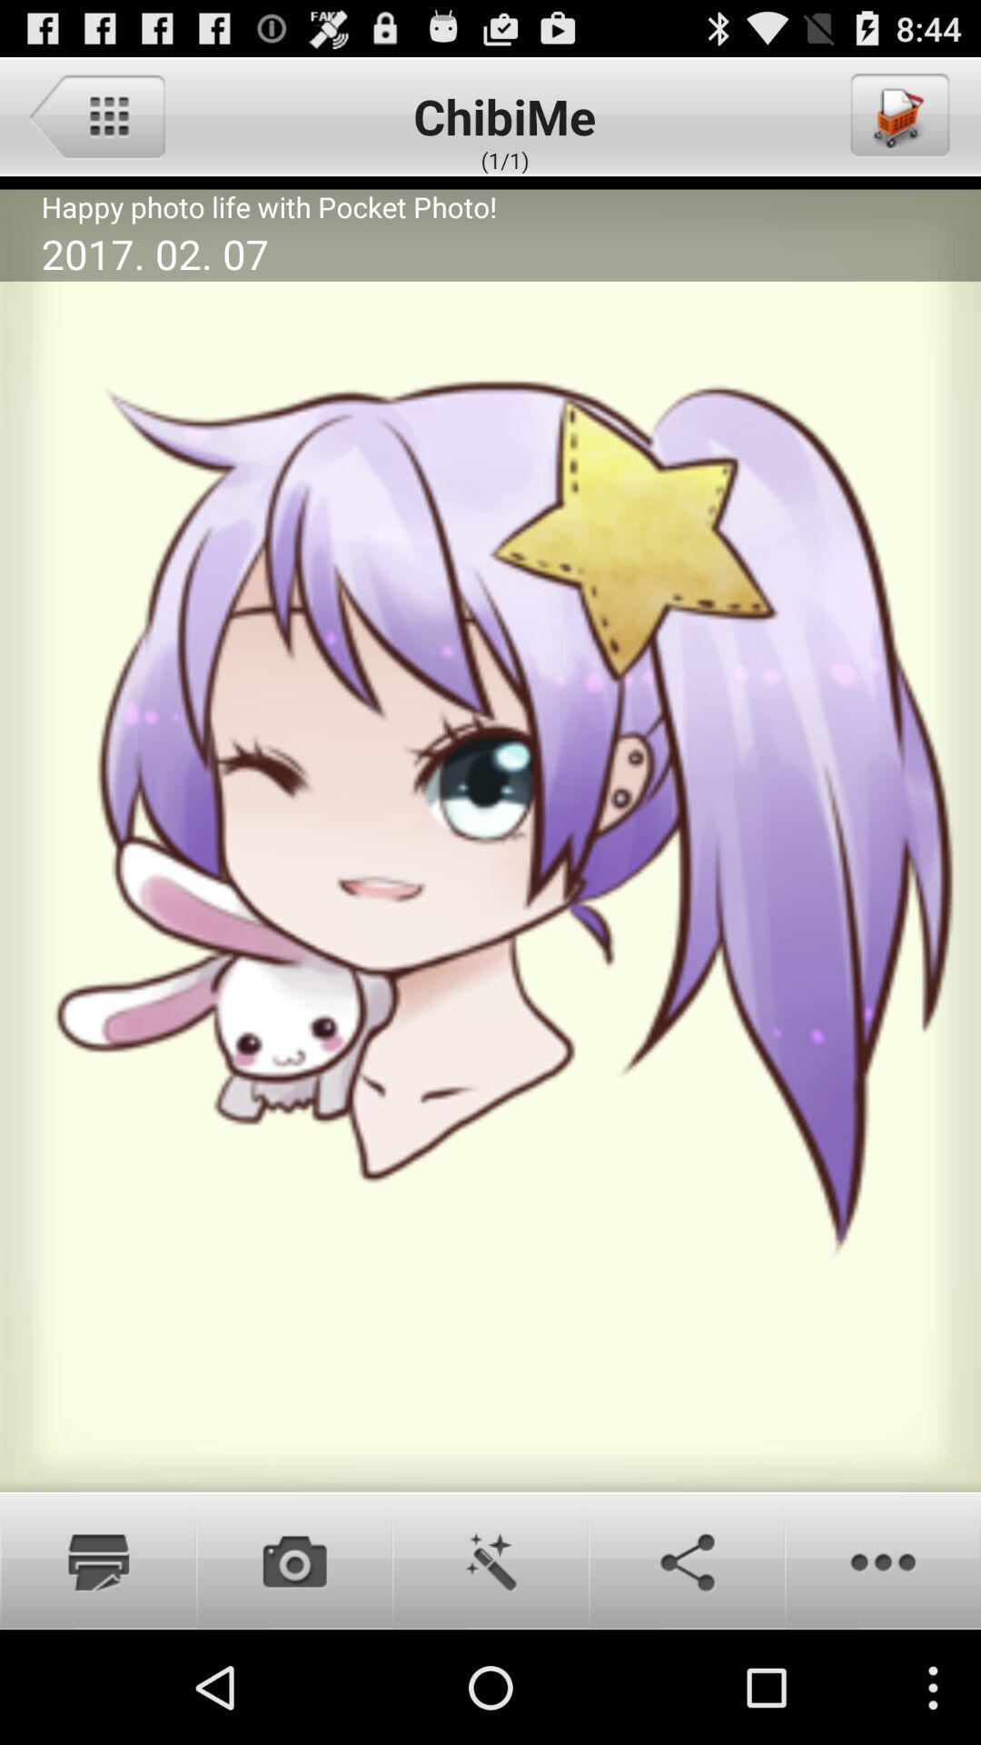 This screenshot has width=981, height=1745. I want to click on shopping cart, so click(897, 115).